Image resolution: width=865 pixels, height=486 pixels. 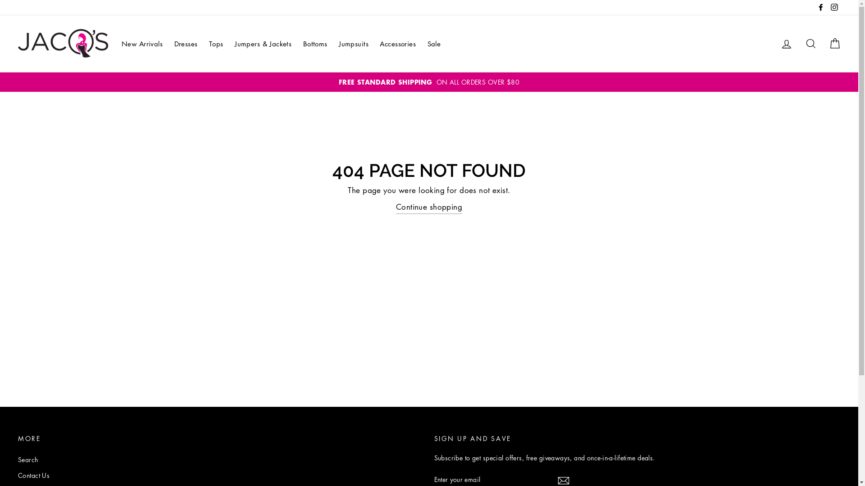 I want to click on 'Jumpsuits', so click(x=334, y=44).